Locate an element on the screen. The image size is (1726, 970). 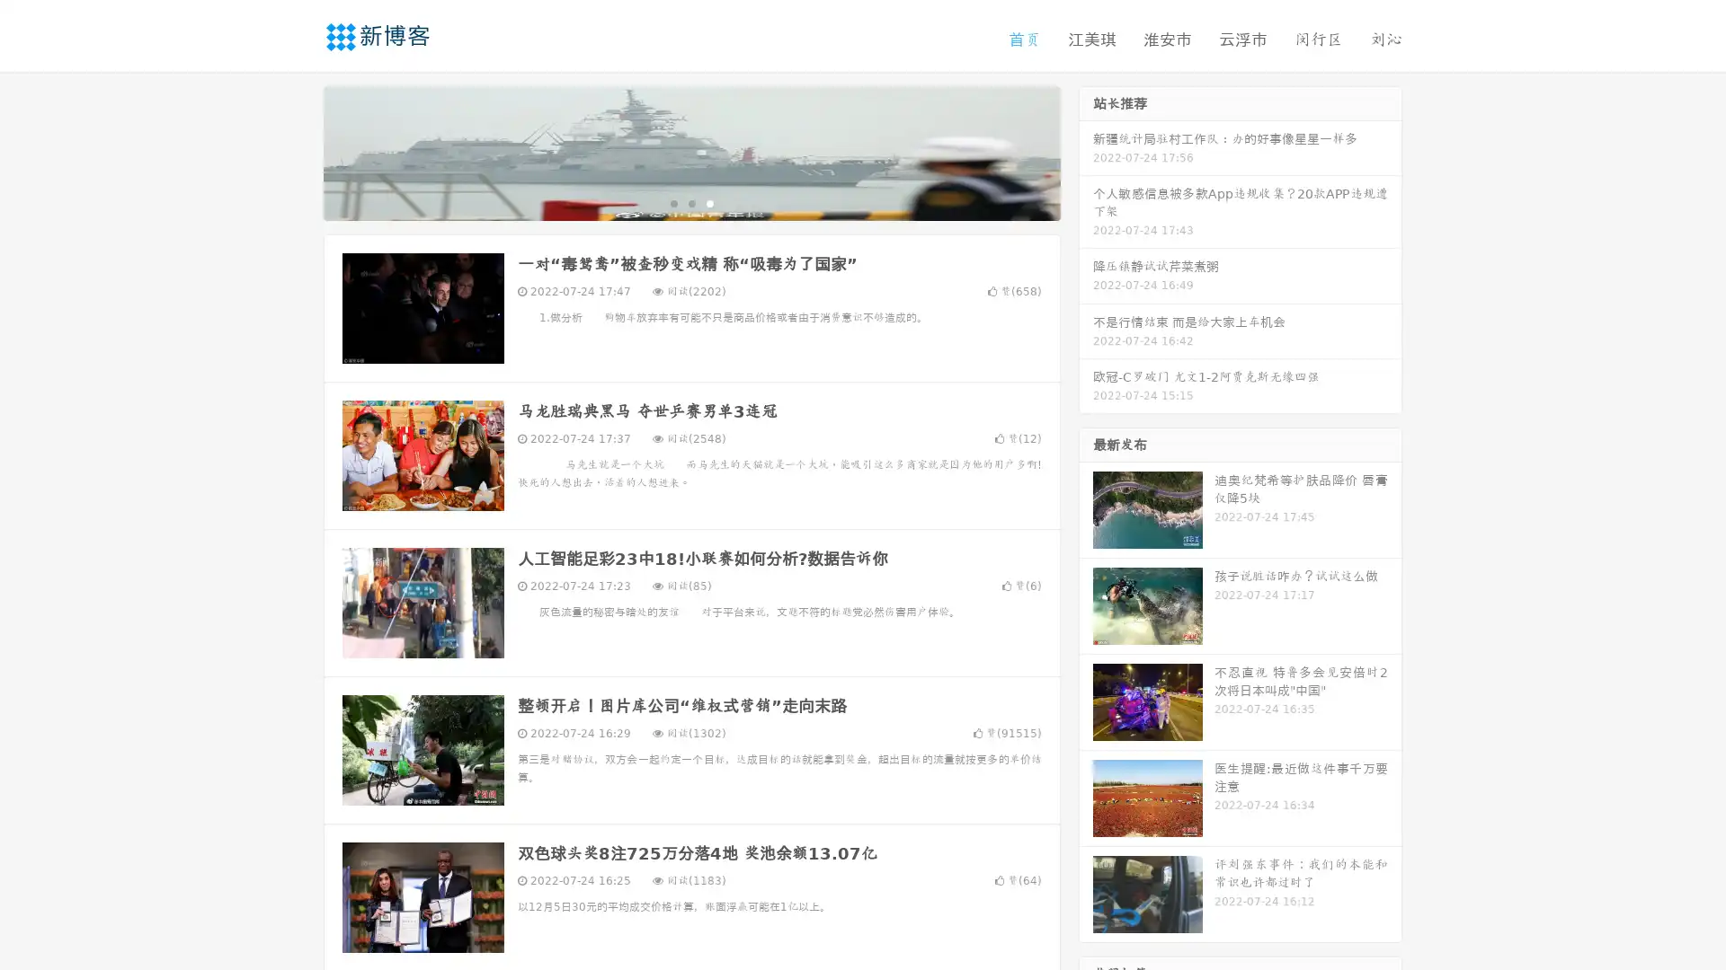
Go to slide 2 is located at coordinates (690, 202).